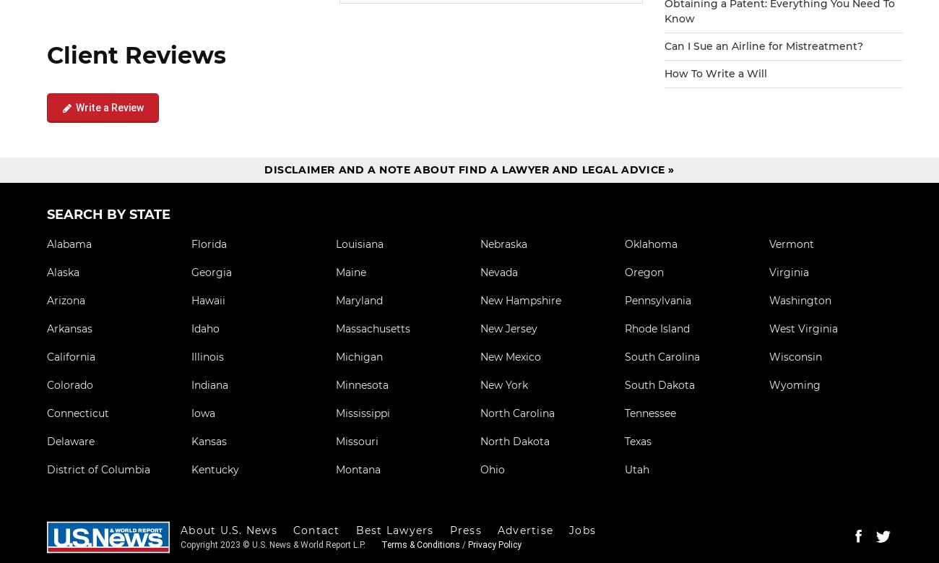 Image resolution: width=939 pixels, height=563 pixels. Describe the element at coordinates (315, 528) in the screenshot. I see `'Contact'` at that location.